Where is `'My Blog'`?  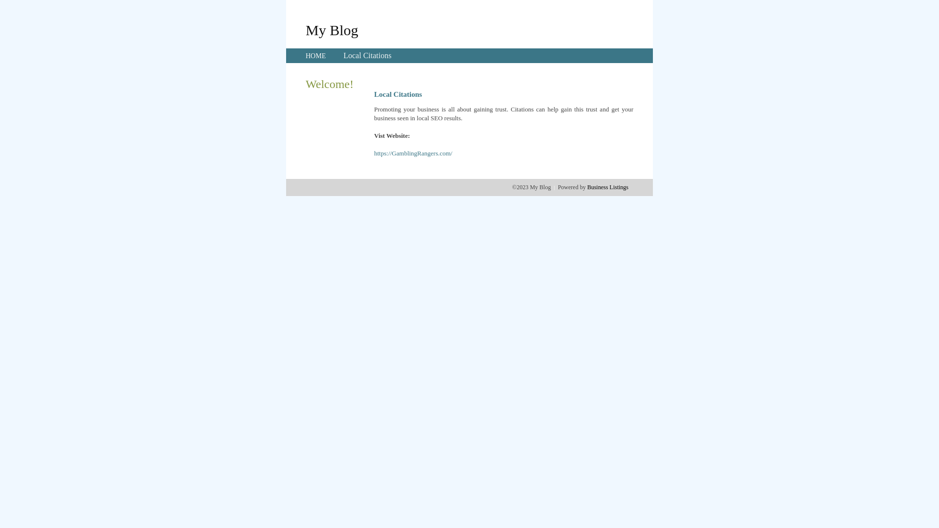
'My Blog' is located at coordinates (332, 29).